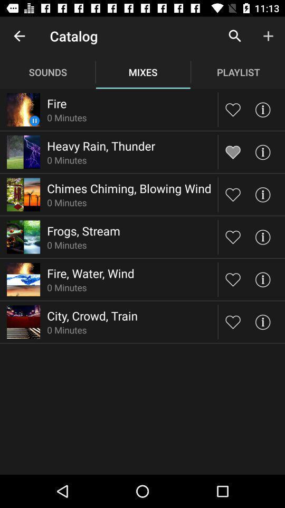  I want to click on get information, so click(262, 237).